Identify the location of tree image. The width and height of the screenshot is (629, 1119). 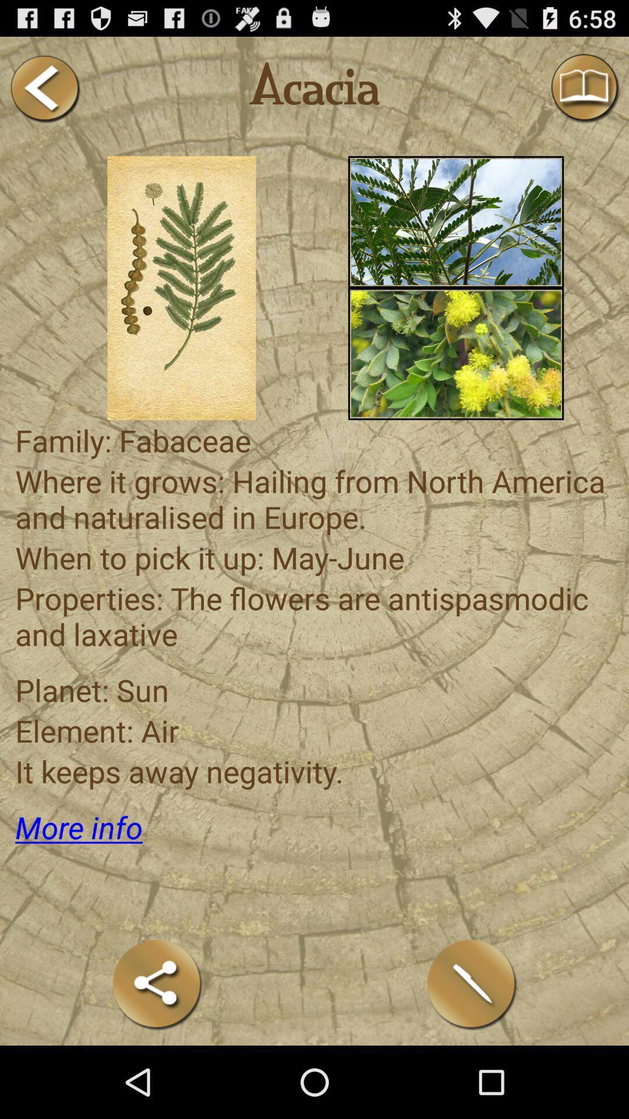
(455, 221).